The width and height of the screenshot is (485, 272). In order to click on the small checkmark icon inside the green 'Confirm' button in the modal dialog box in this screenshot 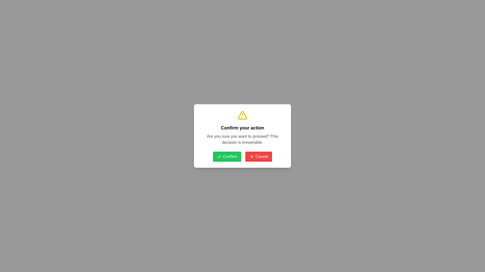, I will do `click(219, 156)`.